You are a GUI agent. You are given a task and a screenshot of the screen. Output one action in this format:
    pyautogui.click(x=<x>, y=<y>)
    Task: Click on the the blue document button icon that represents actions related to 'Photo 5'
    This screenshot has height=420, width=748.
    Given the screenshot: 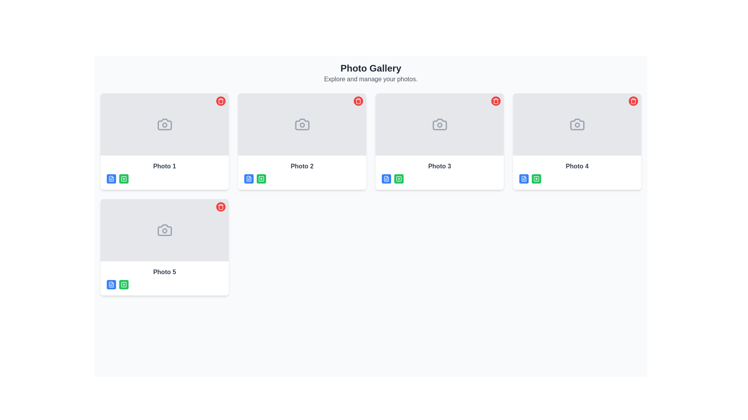 What is the action you would take?
    pyautogui.click(x=111, y=285)
    